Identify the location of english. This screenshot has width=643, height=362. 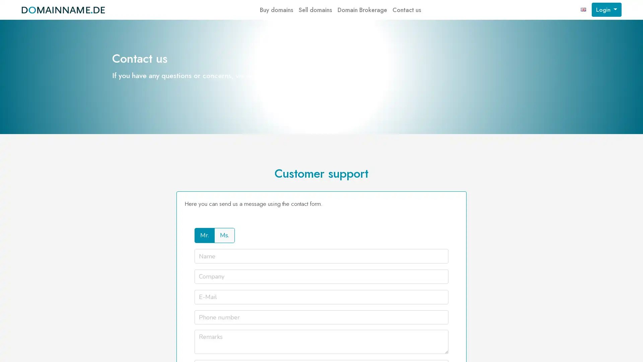
(583, 10).